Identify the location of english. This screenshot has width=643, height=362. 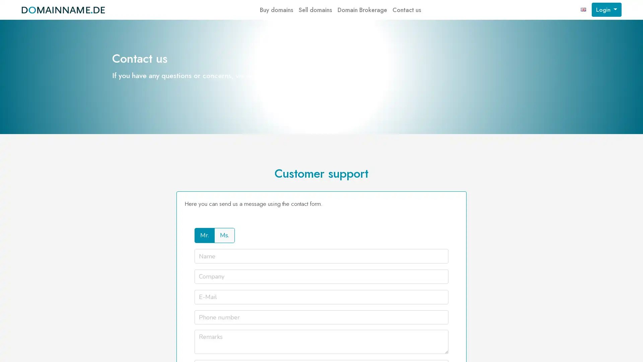
(583, 10).